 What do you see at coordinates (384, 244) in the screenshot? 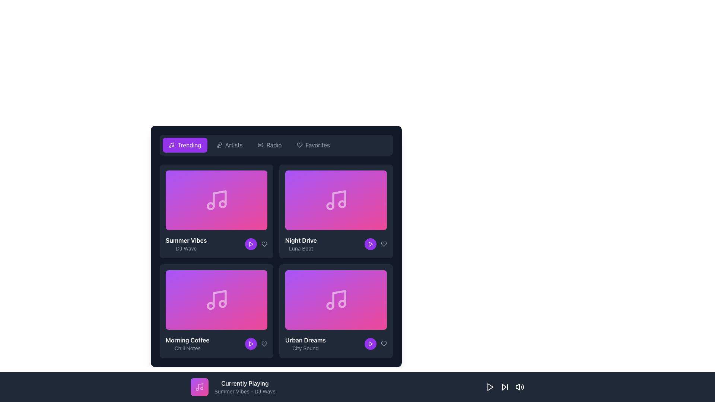
I see `the heart-shaped icon button located at the bottom-right corner of the 'Night Drive' card` at bounding box center [384, 244].